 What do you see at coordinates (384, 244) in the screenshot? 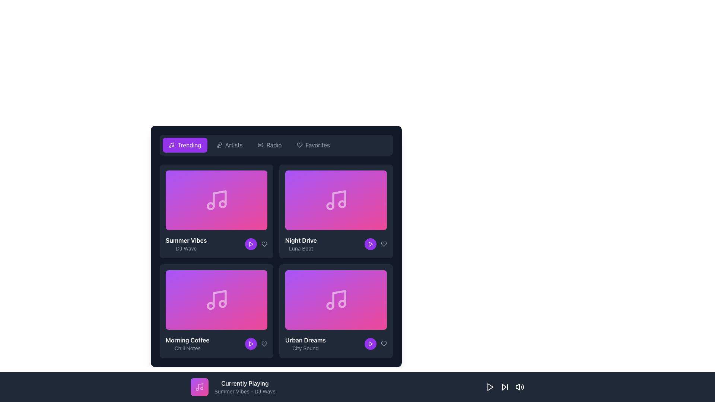
I see `the heart-shaped icon button located at the bottom-right corner of the 'Night Drive' card` at bounding box center [384, 244].